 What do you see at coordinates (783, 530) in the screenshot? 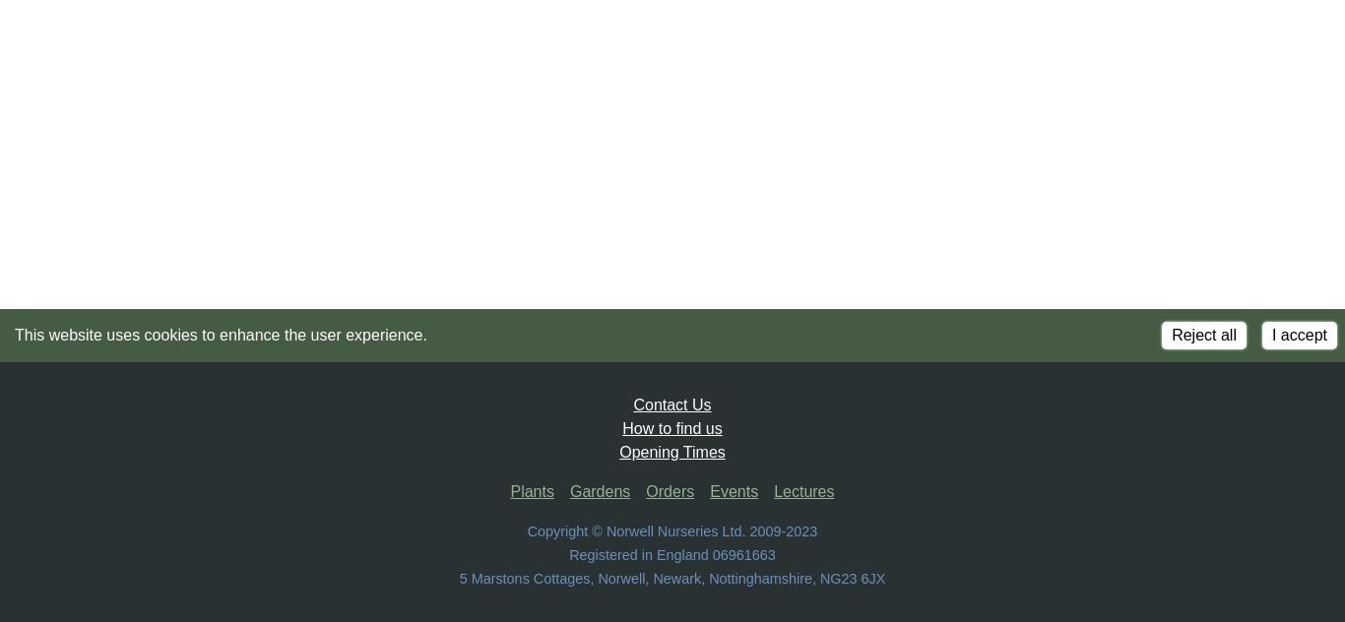
I see `'-'` at bounding box center [783, 530].